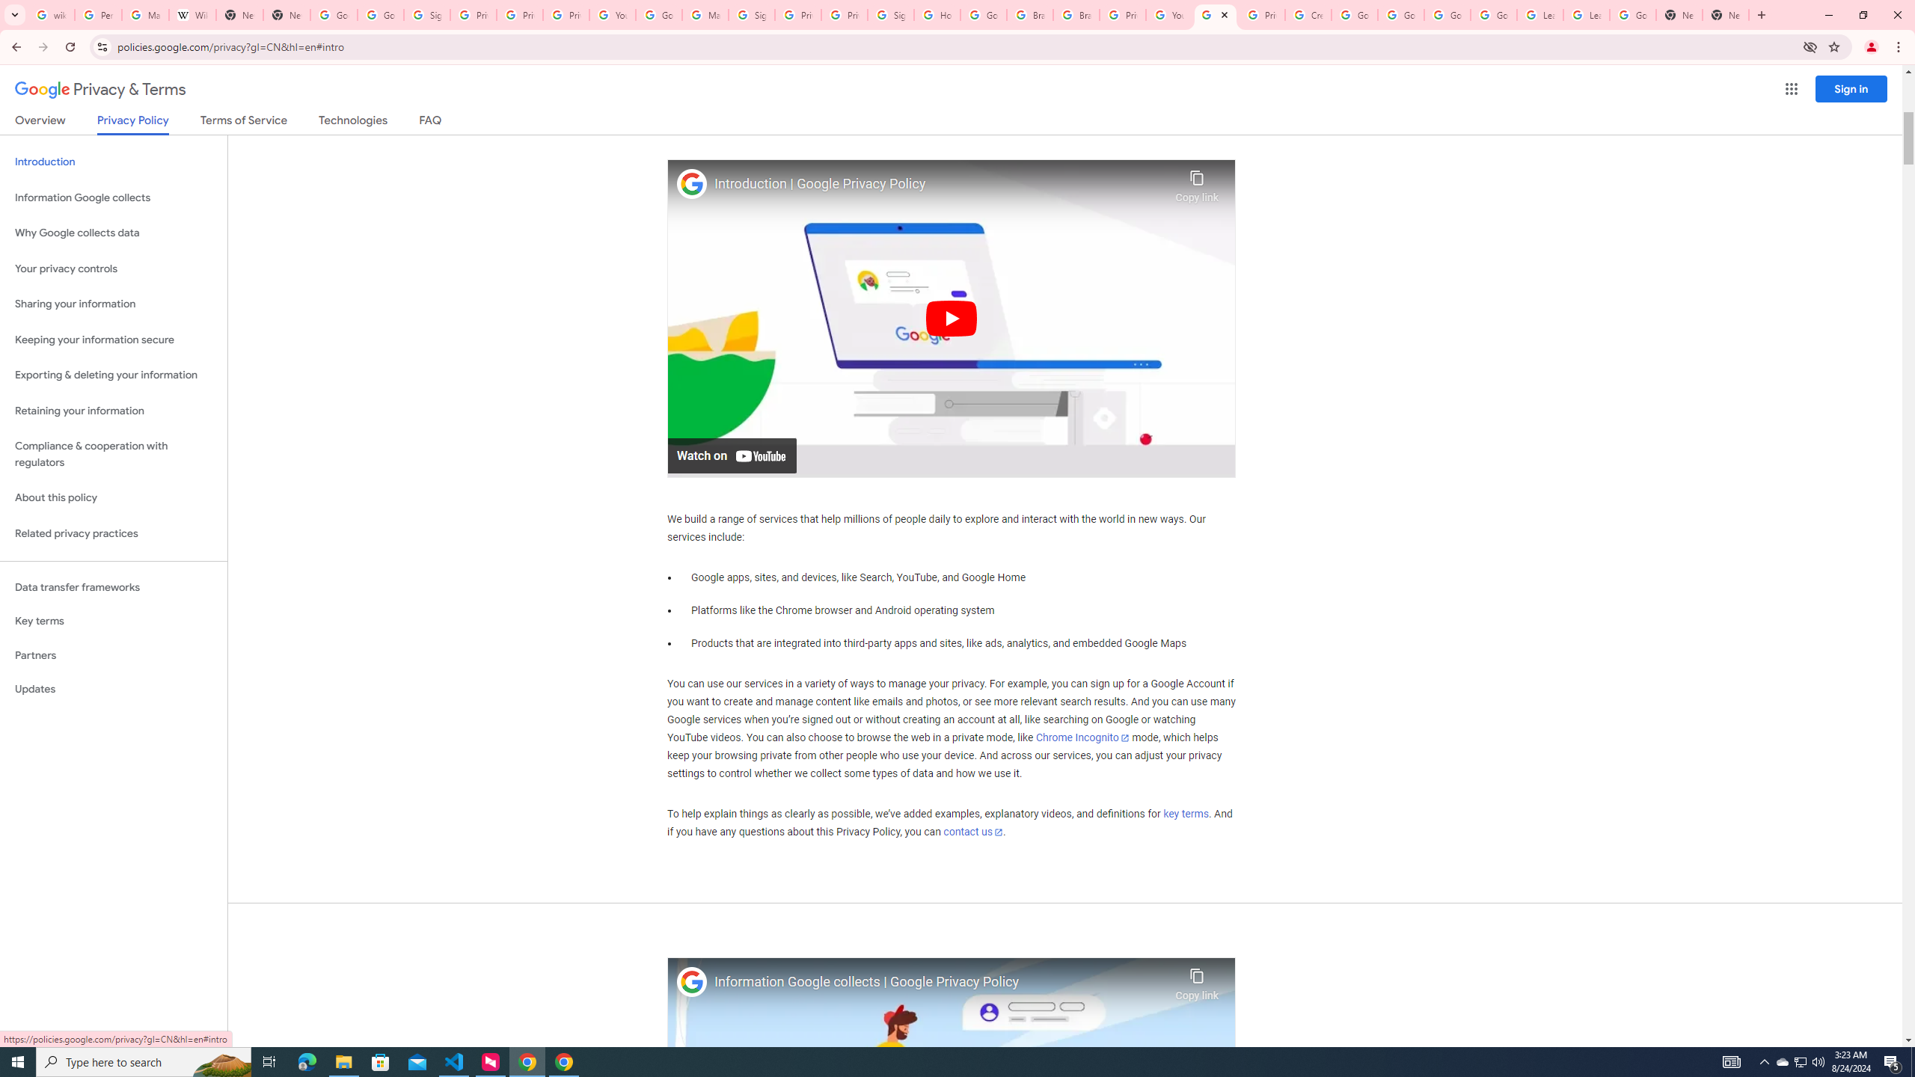  I want to click on 'About this policy', so click(113, 498).